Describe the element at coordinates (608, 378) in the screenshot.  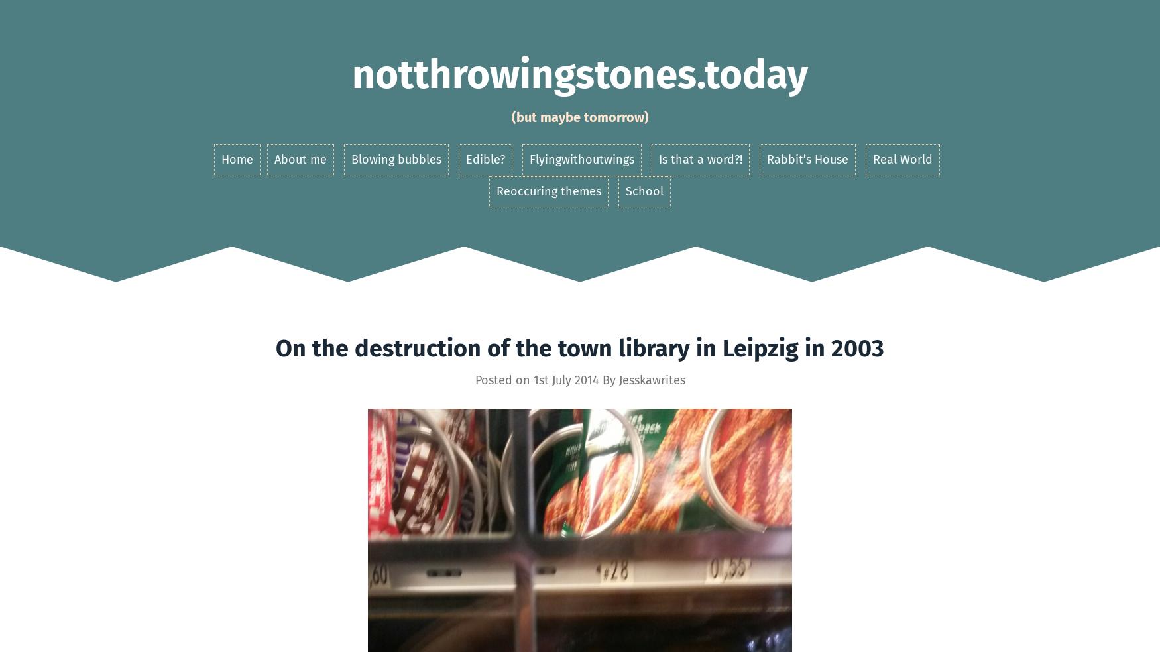
I see `'By'` at that location.